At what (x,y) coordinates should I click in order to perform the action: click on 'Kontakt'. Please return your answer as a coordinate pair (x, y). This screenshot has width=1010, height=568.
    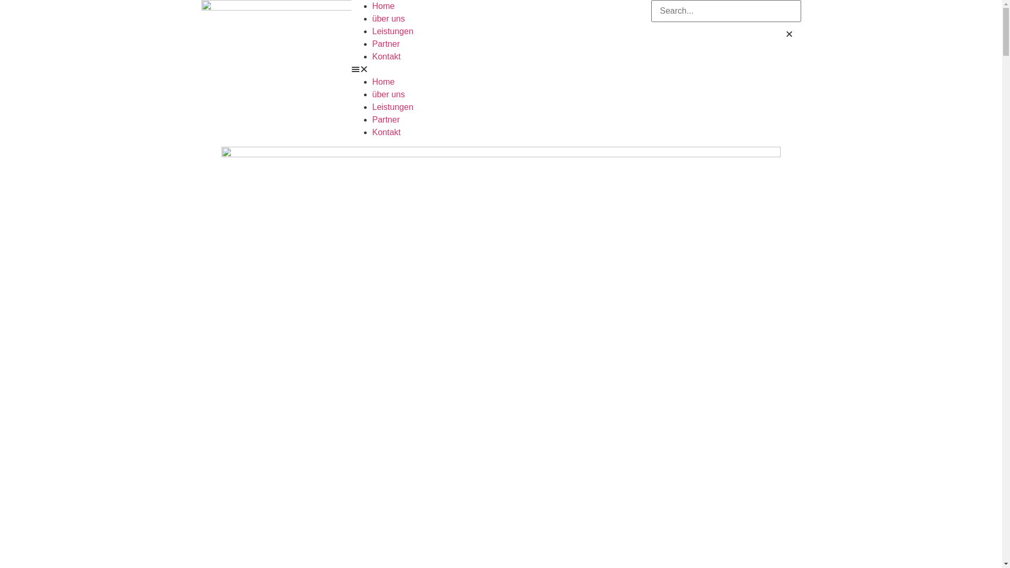
    Looking at the image, I should click on (386, 131).